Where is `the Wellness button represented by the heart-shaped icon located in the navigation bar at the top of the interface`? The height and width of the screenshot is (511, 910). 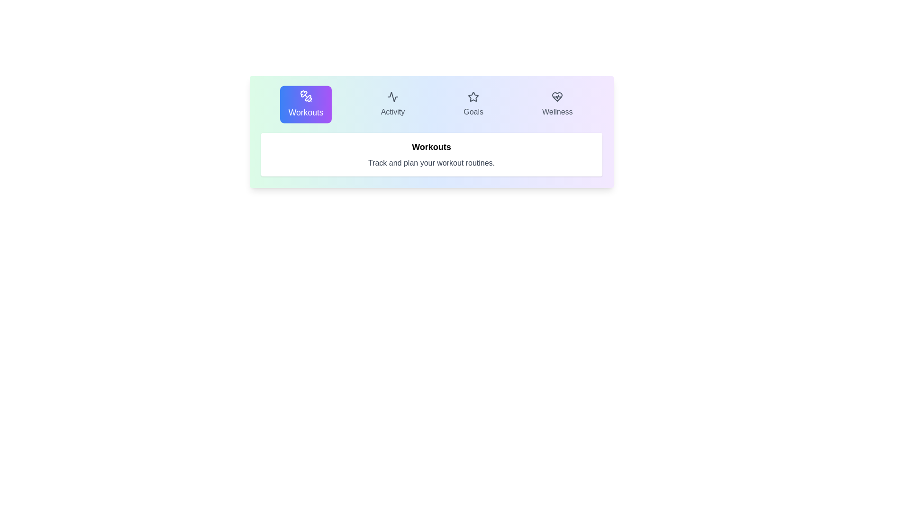
the Wellness button represented by the heart-shaped icon located in the navigation bar at the top of the interface is located at coordinates (557, 97).